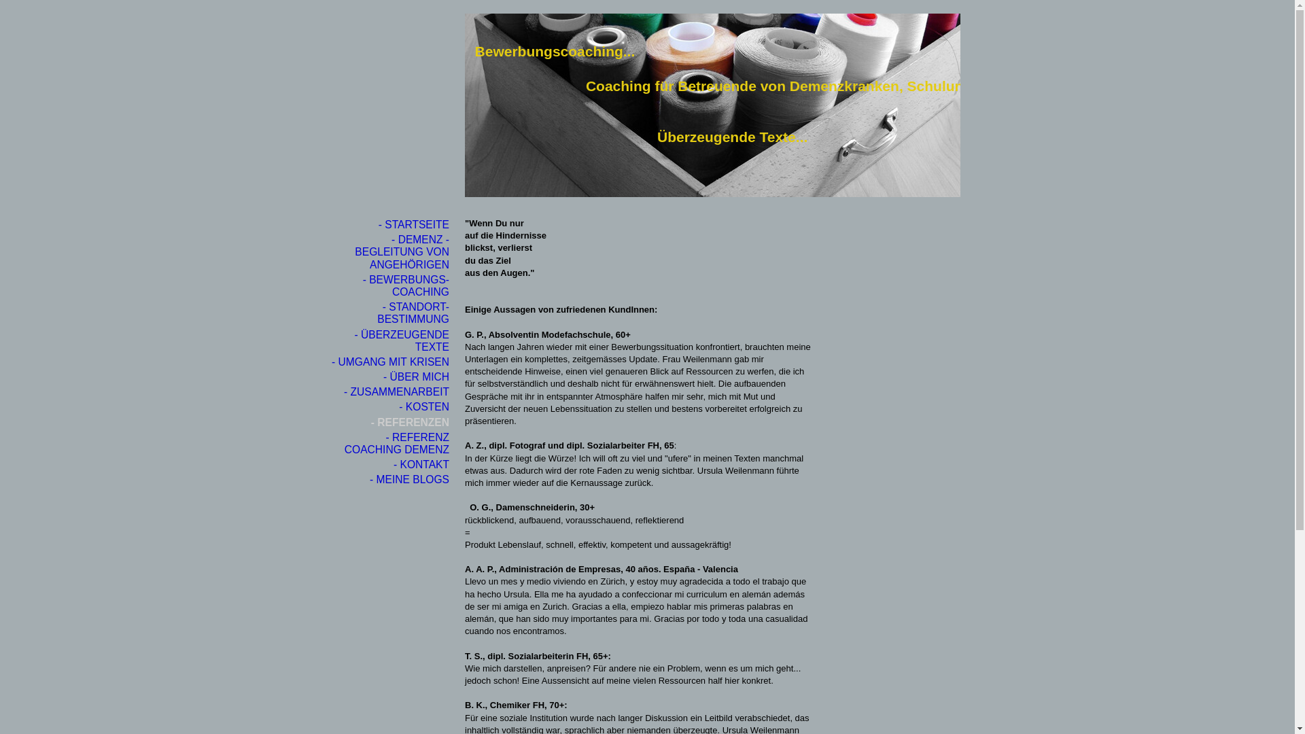 The height and width of the screenshot is (734, 1305). What do you see at coordinates (390, 421) in the screenshot?
I see `'- REFERENZEN'` at bounding box center [390, 421].